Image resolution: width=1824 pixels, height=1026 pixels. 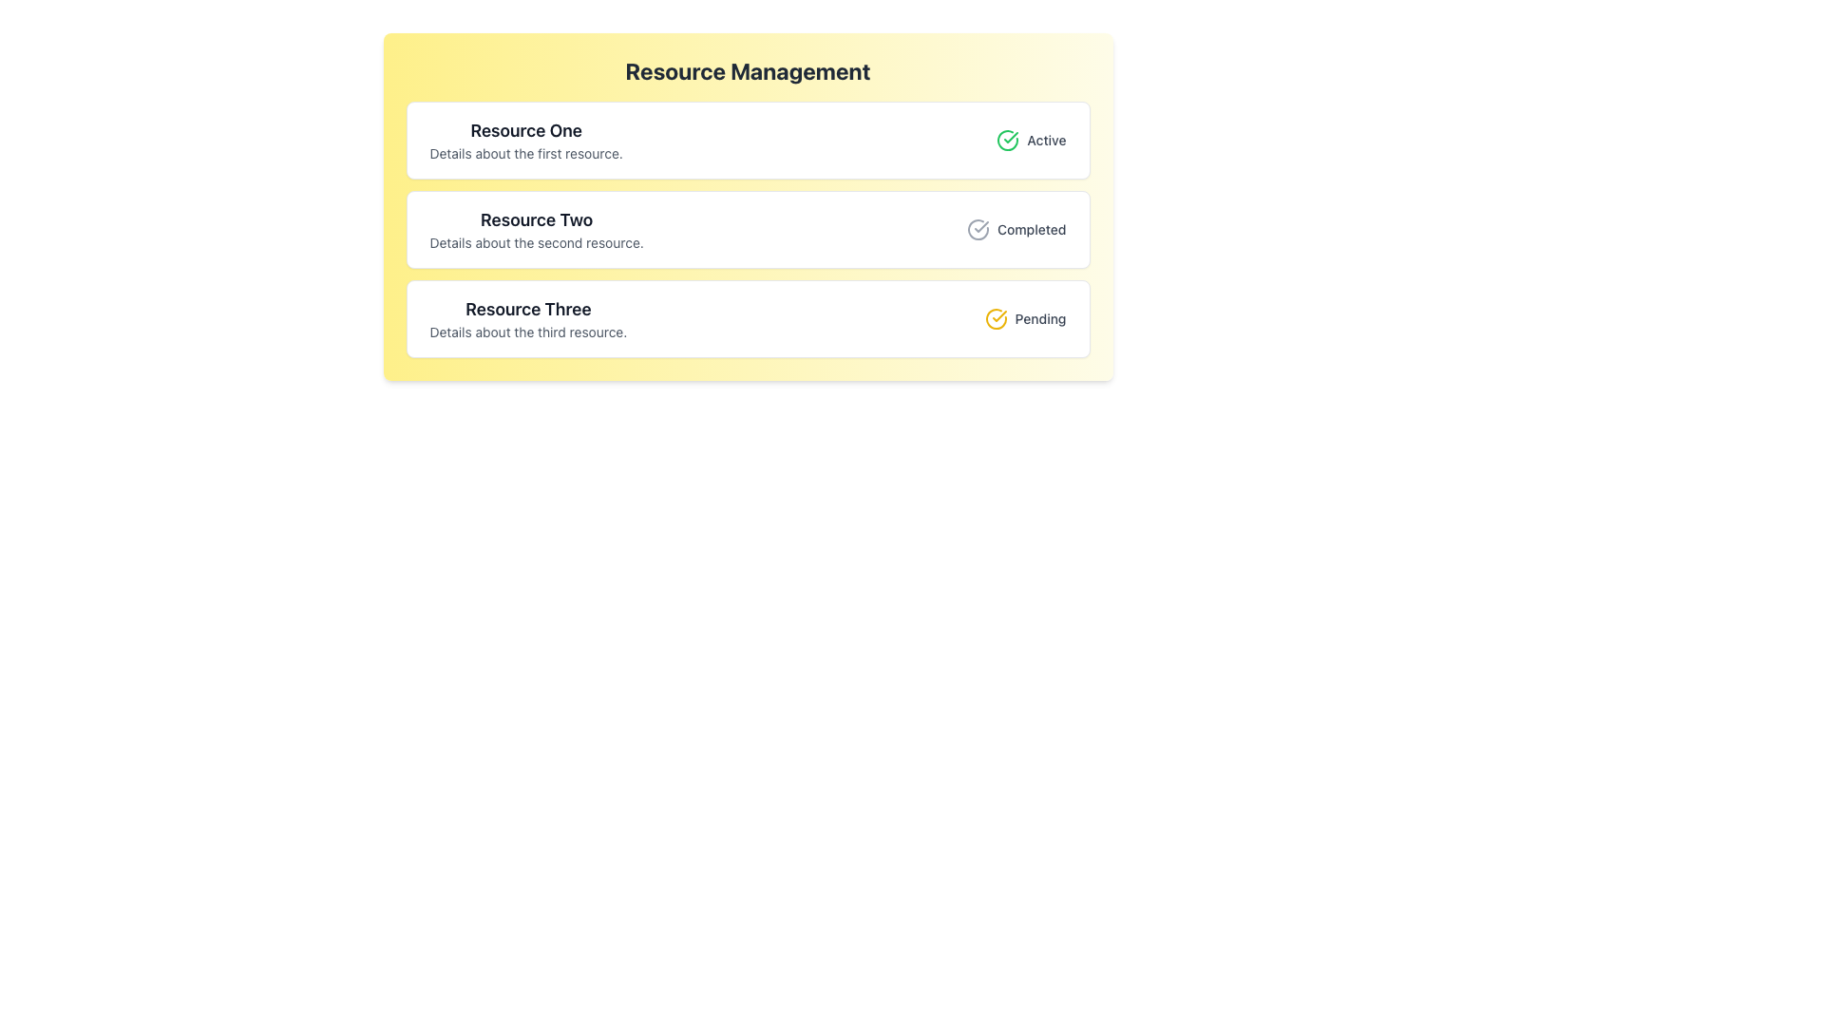 I want to click on the completion status icon located to the left of the text 'Completed' in the second row of the resource status list, so click(x=978, y=229).